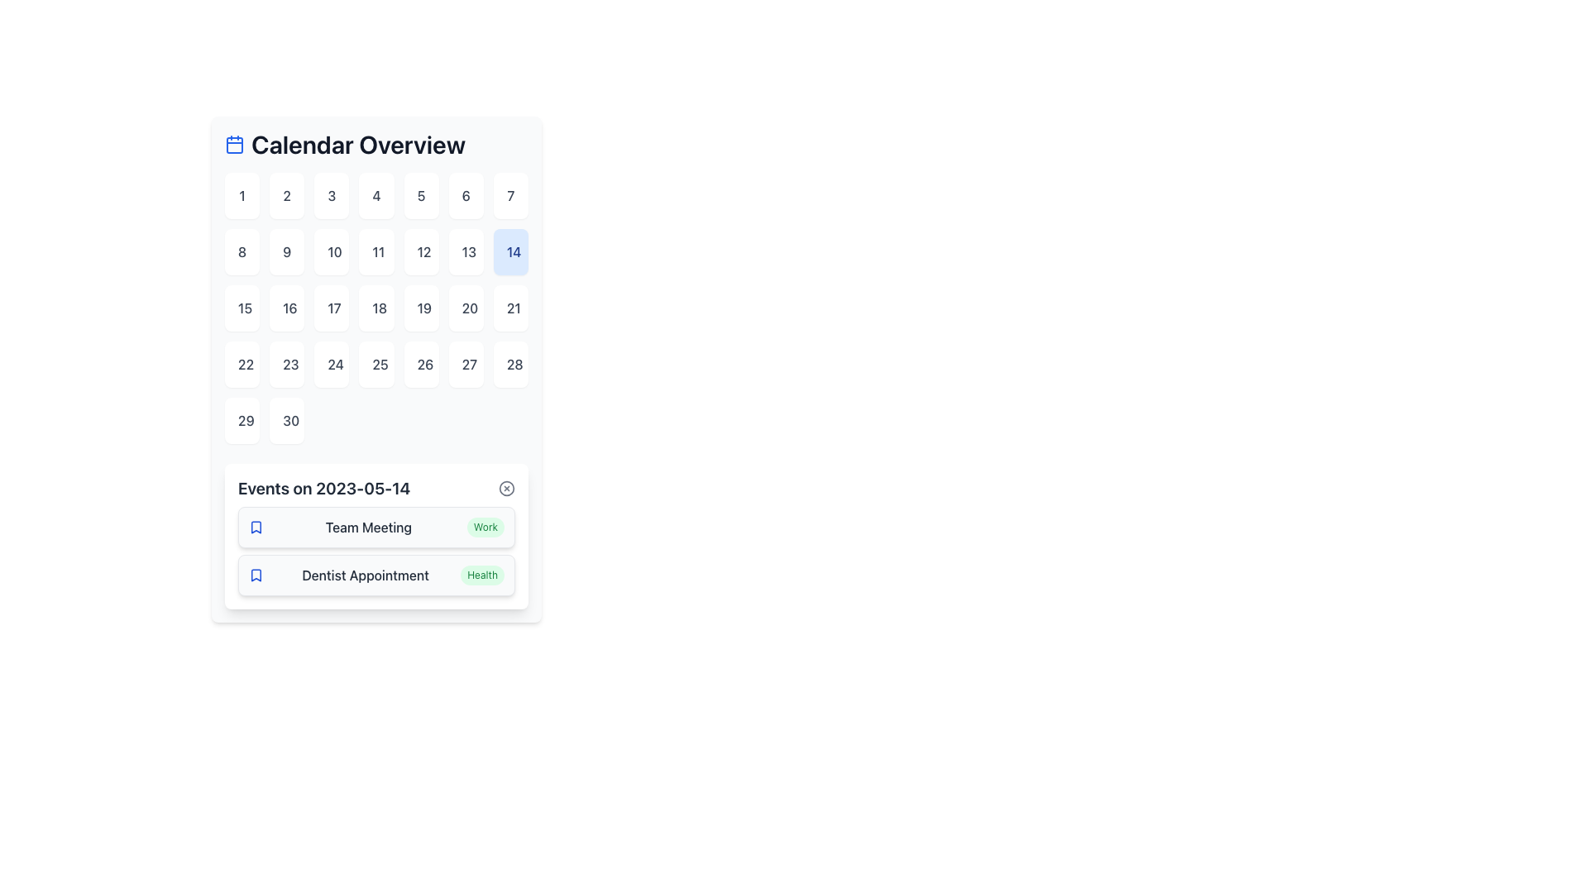 This screenshot has height=893, width=1588. What do you see at coordinates (256, 574) in the screenshot?
I see `the blue outlined bookmark icon next to the 'Dentist Appointment' text within the card component` at bounding box center [256, 574].